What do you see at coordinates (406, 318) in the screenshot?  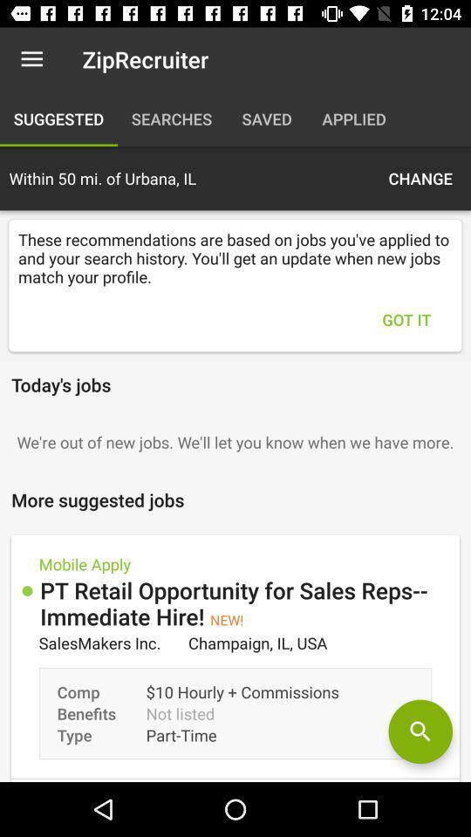 I see `the got it` at bounding box center [406, 318].